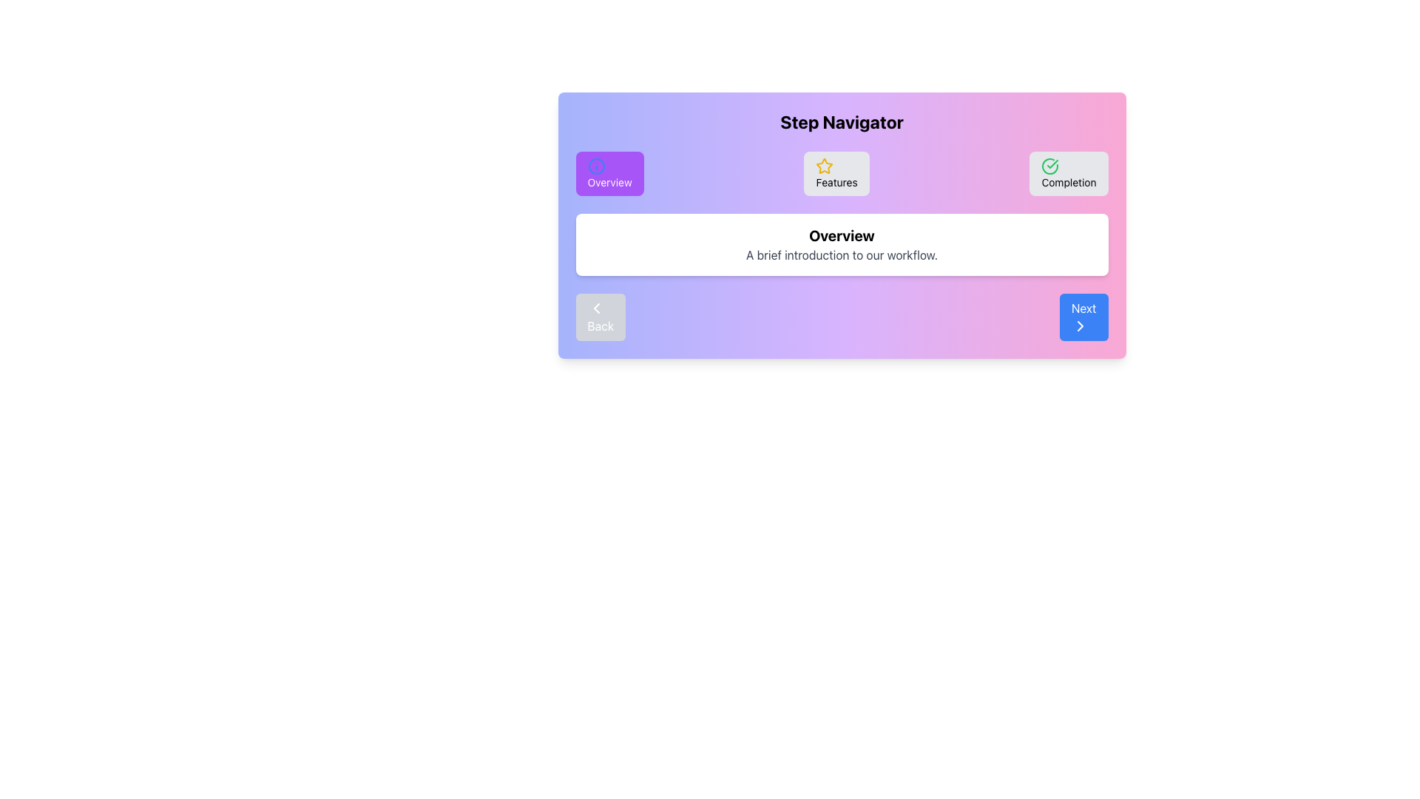  Describe the element at coordinates (836, 173) in the screenshot. I see `the 'Features' button, which is a rounded rectangular button with a light gray background, black text, and a yellow outlined star icon above the text` at that location.